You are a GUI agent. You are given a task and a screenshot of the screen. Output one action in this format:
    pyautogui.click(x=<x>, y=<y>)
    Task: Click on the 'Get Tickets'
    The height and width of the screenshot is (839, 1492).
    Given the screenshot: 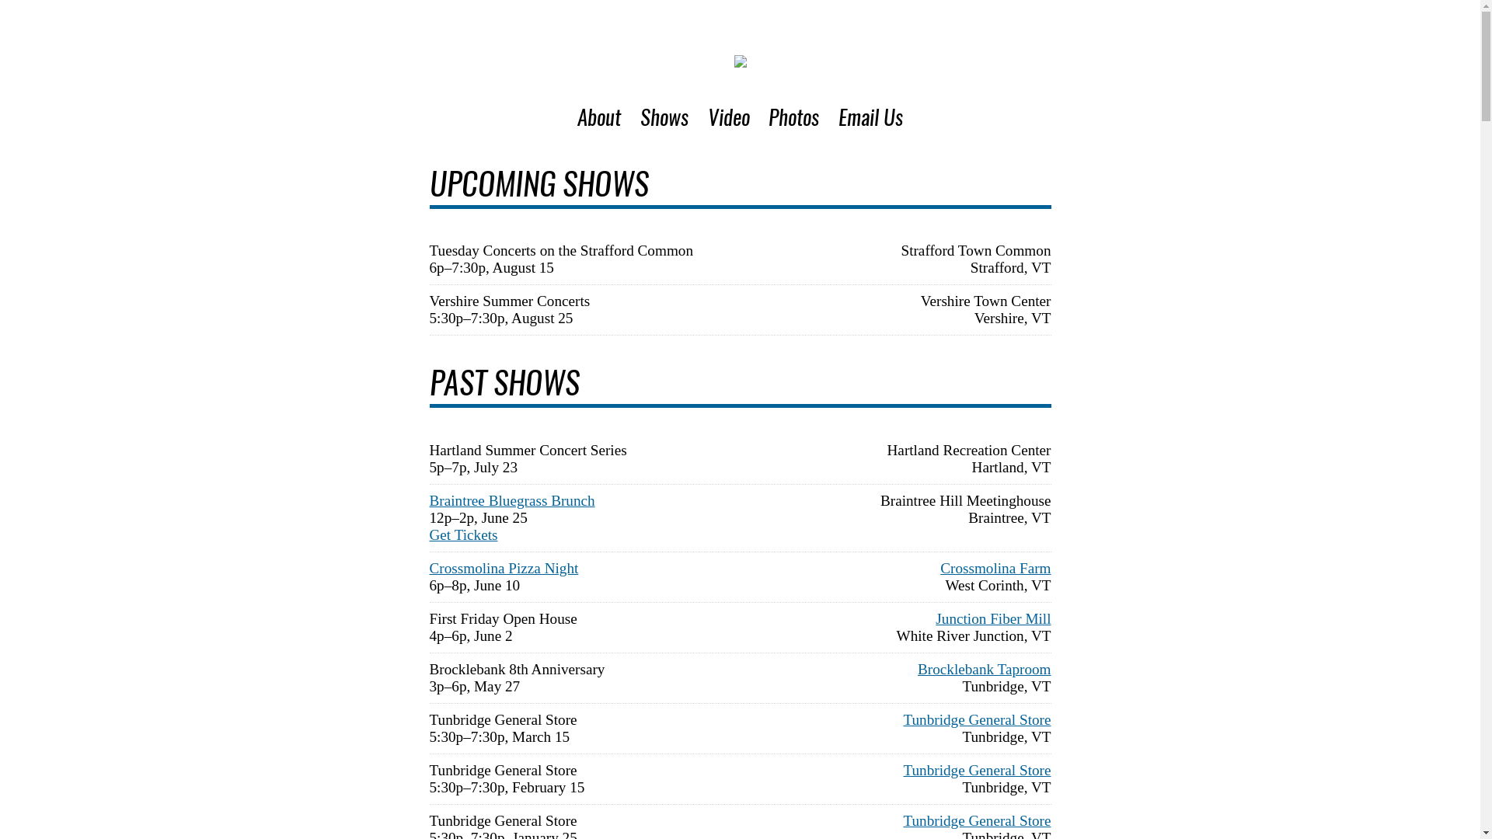 What is the action you would take?
    pyautogui.click(x=462, y=534)
    